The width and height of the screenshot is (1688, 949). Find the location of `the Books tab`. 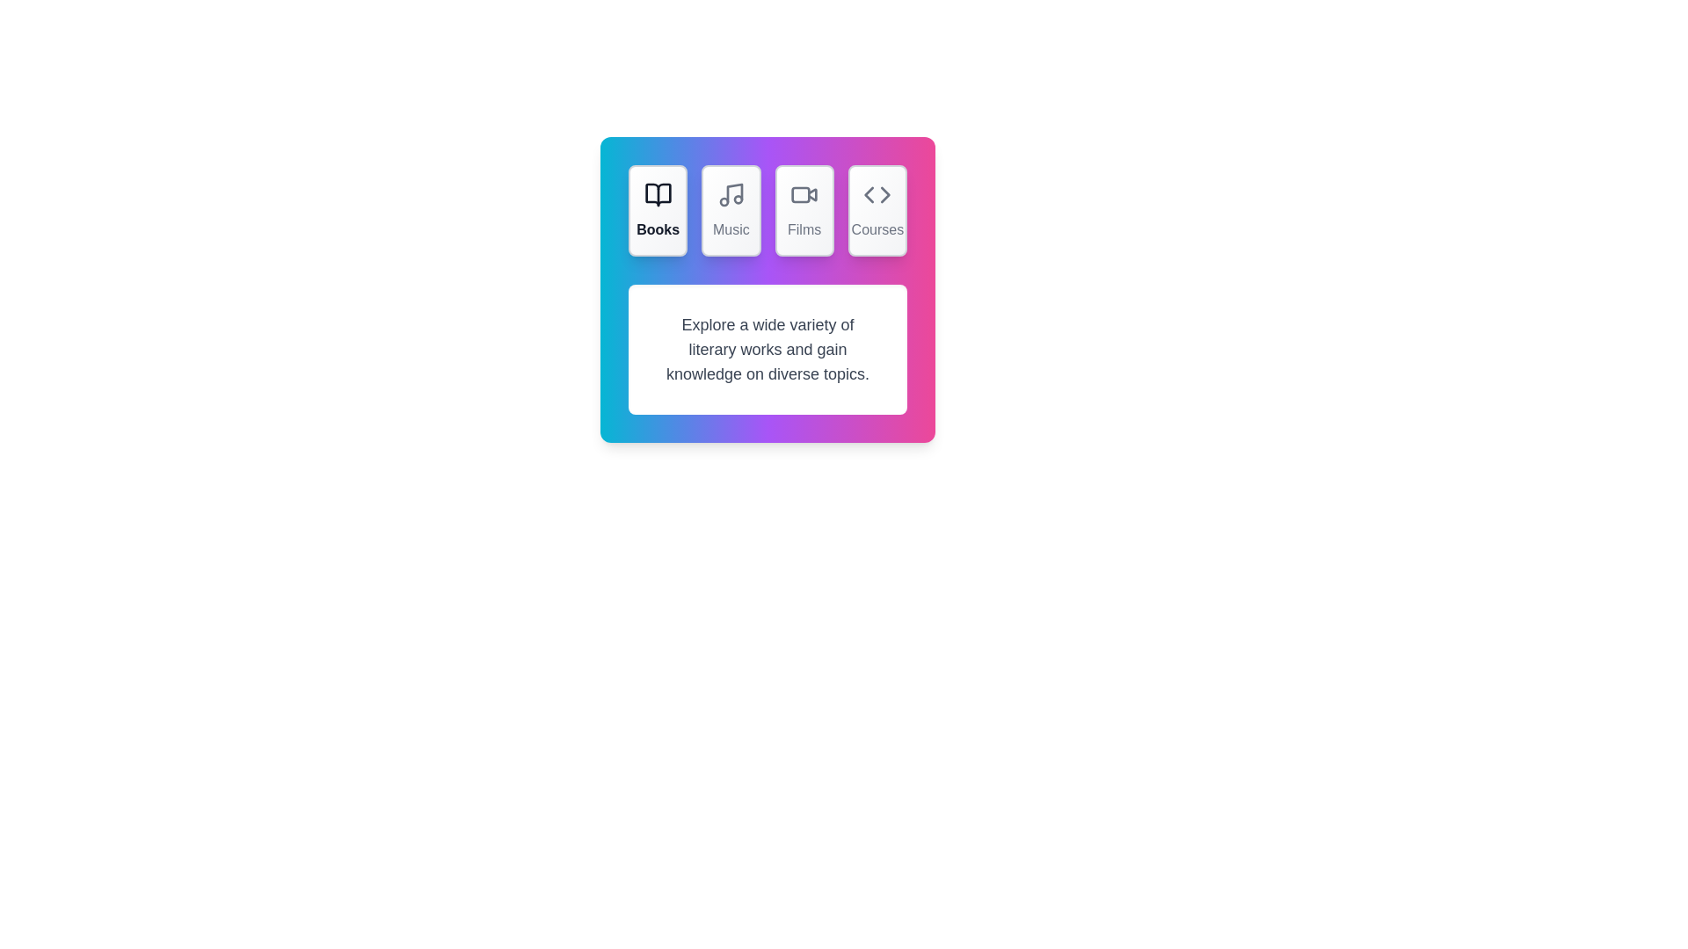

the Books tab is located at coordinates (657, 209).